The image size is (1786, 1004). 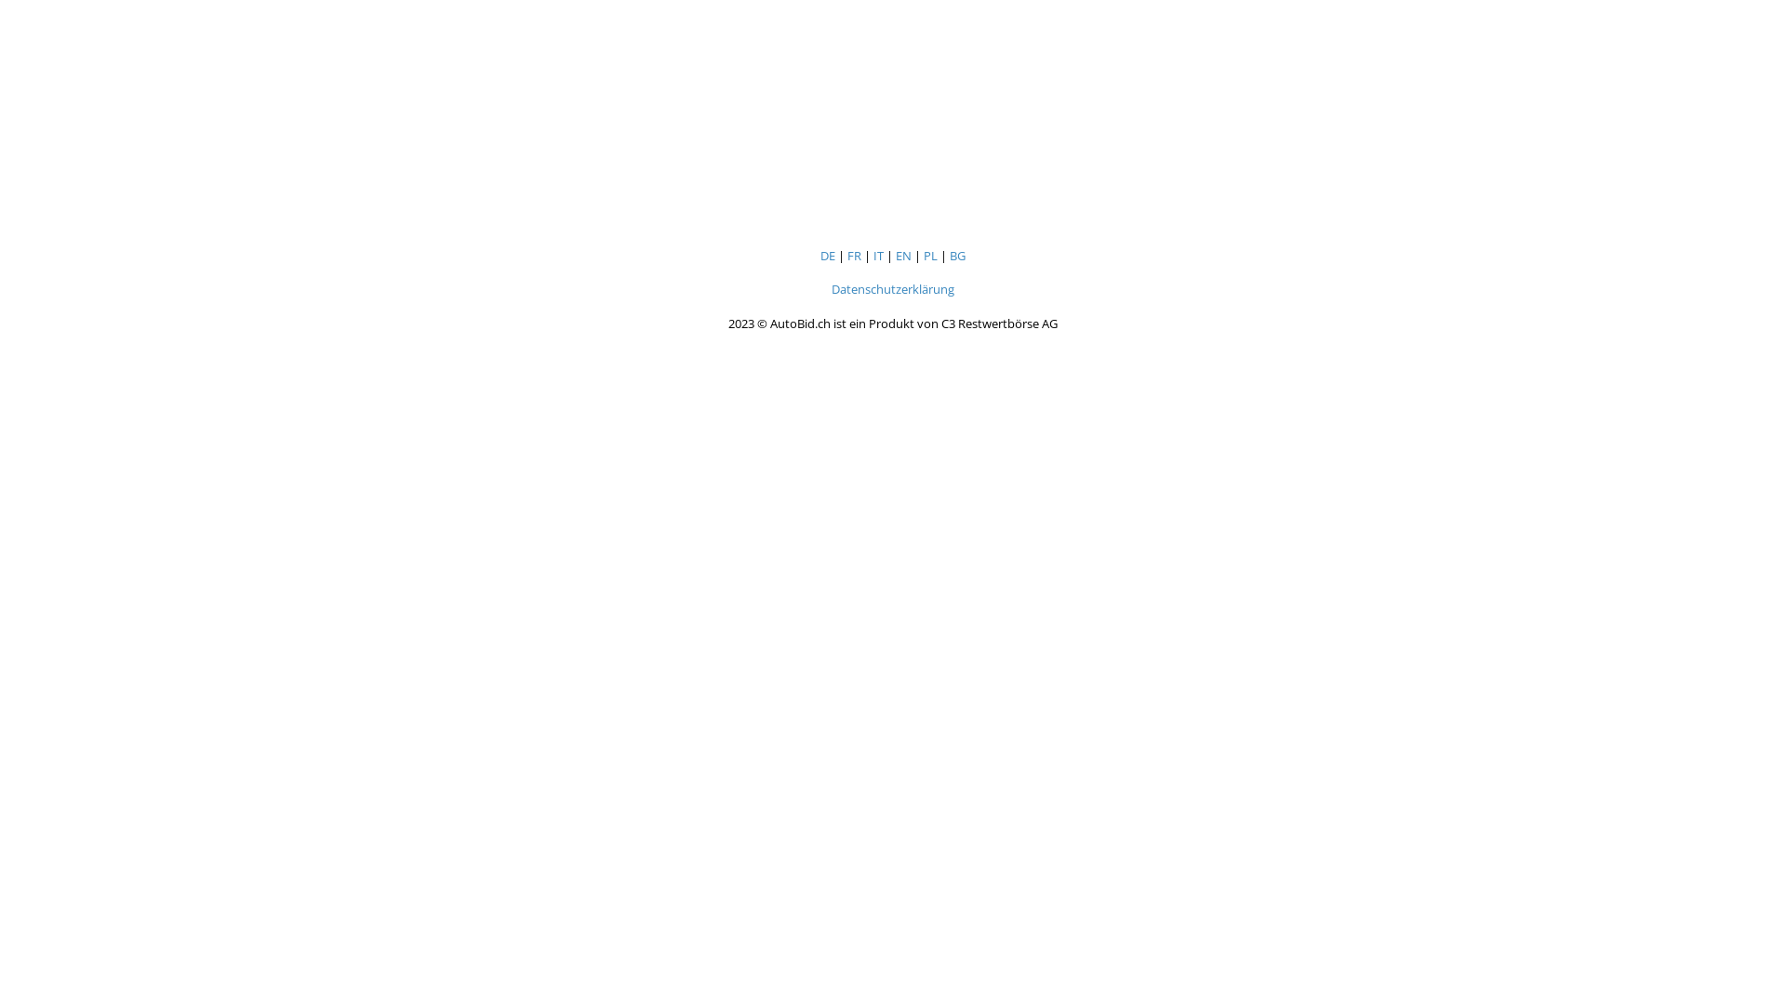 What do you see at coordinates (903, 255) in the screenshot?
I see `'EN'` at bounding box center [903, 255].